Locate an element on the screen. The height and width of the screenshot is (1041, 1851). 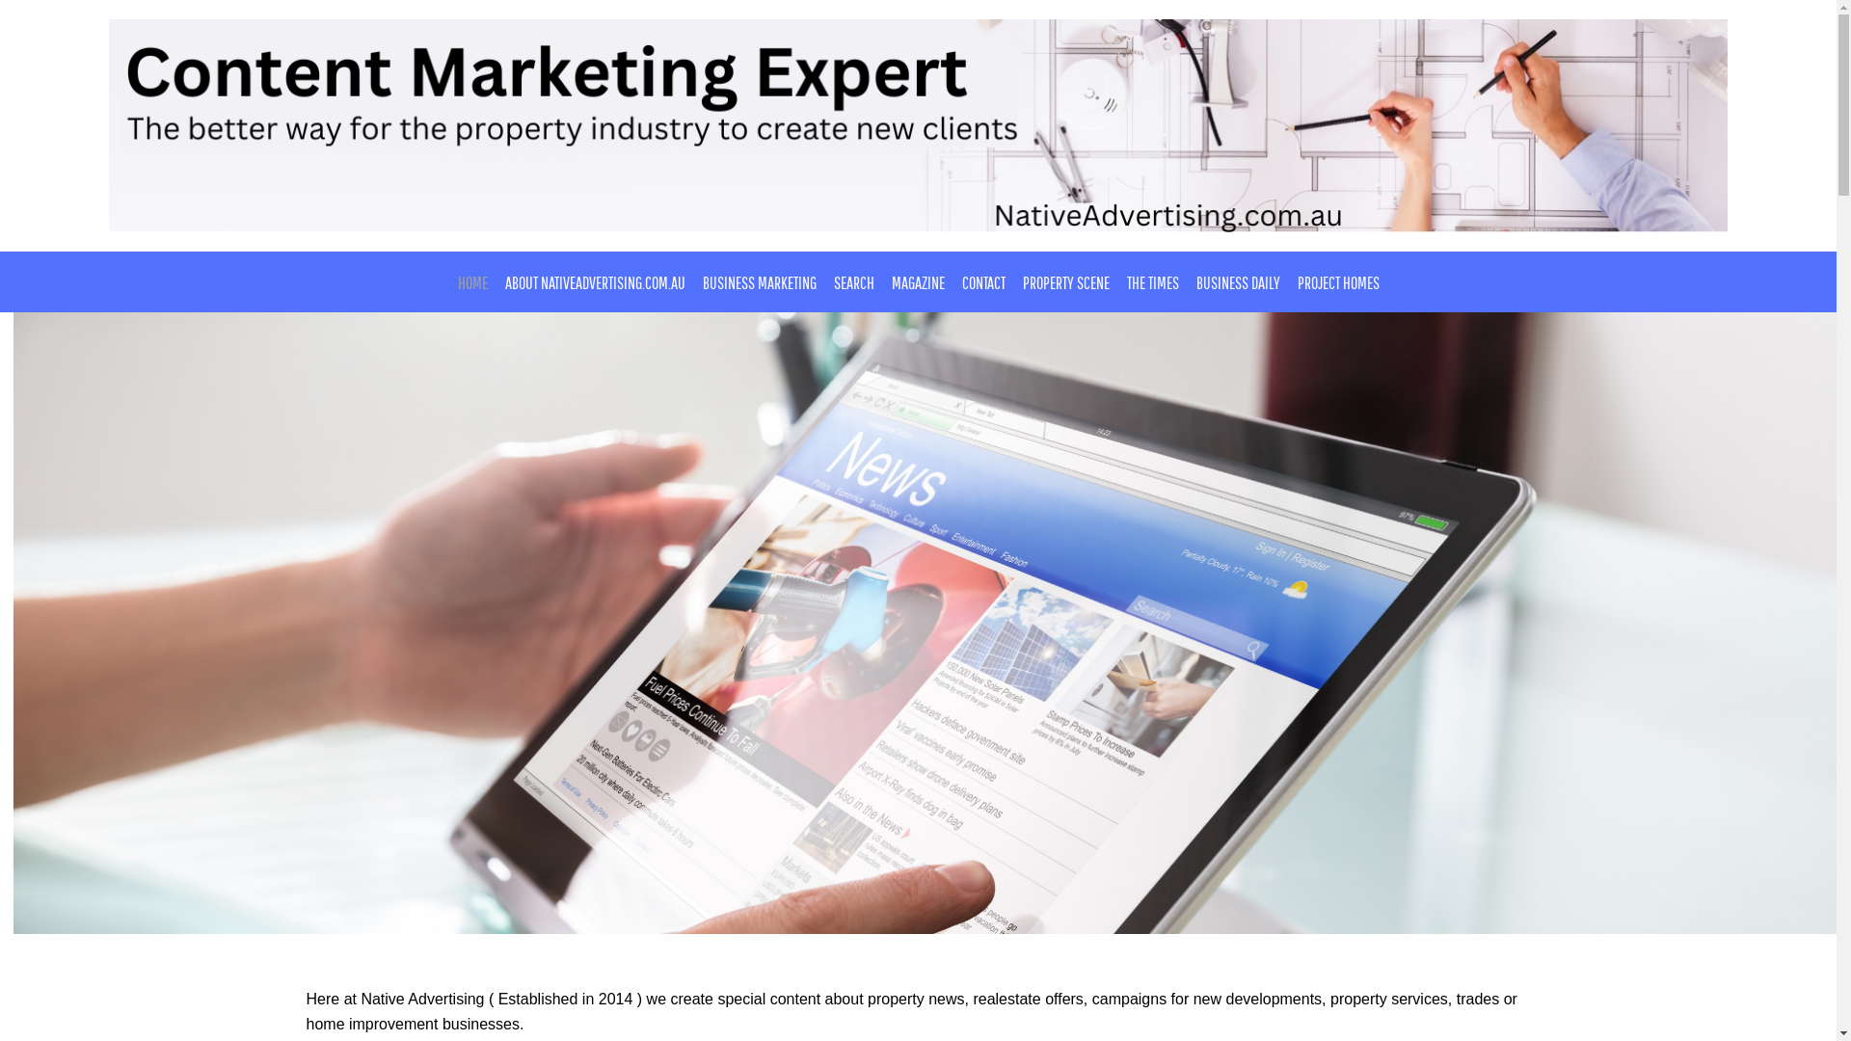
'PROJECT HOMES' is located at coordinates (1336, 282).